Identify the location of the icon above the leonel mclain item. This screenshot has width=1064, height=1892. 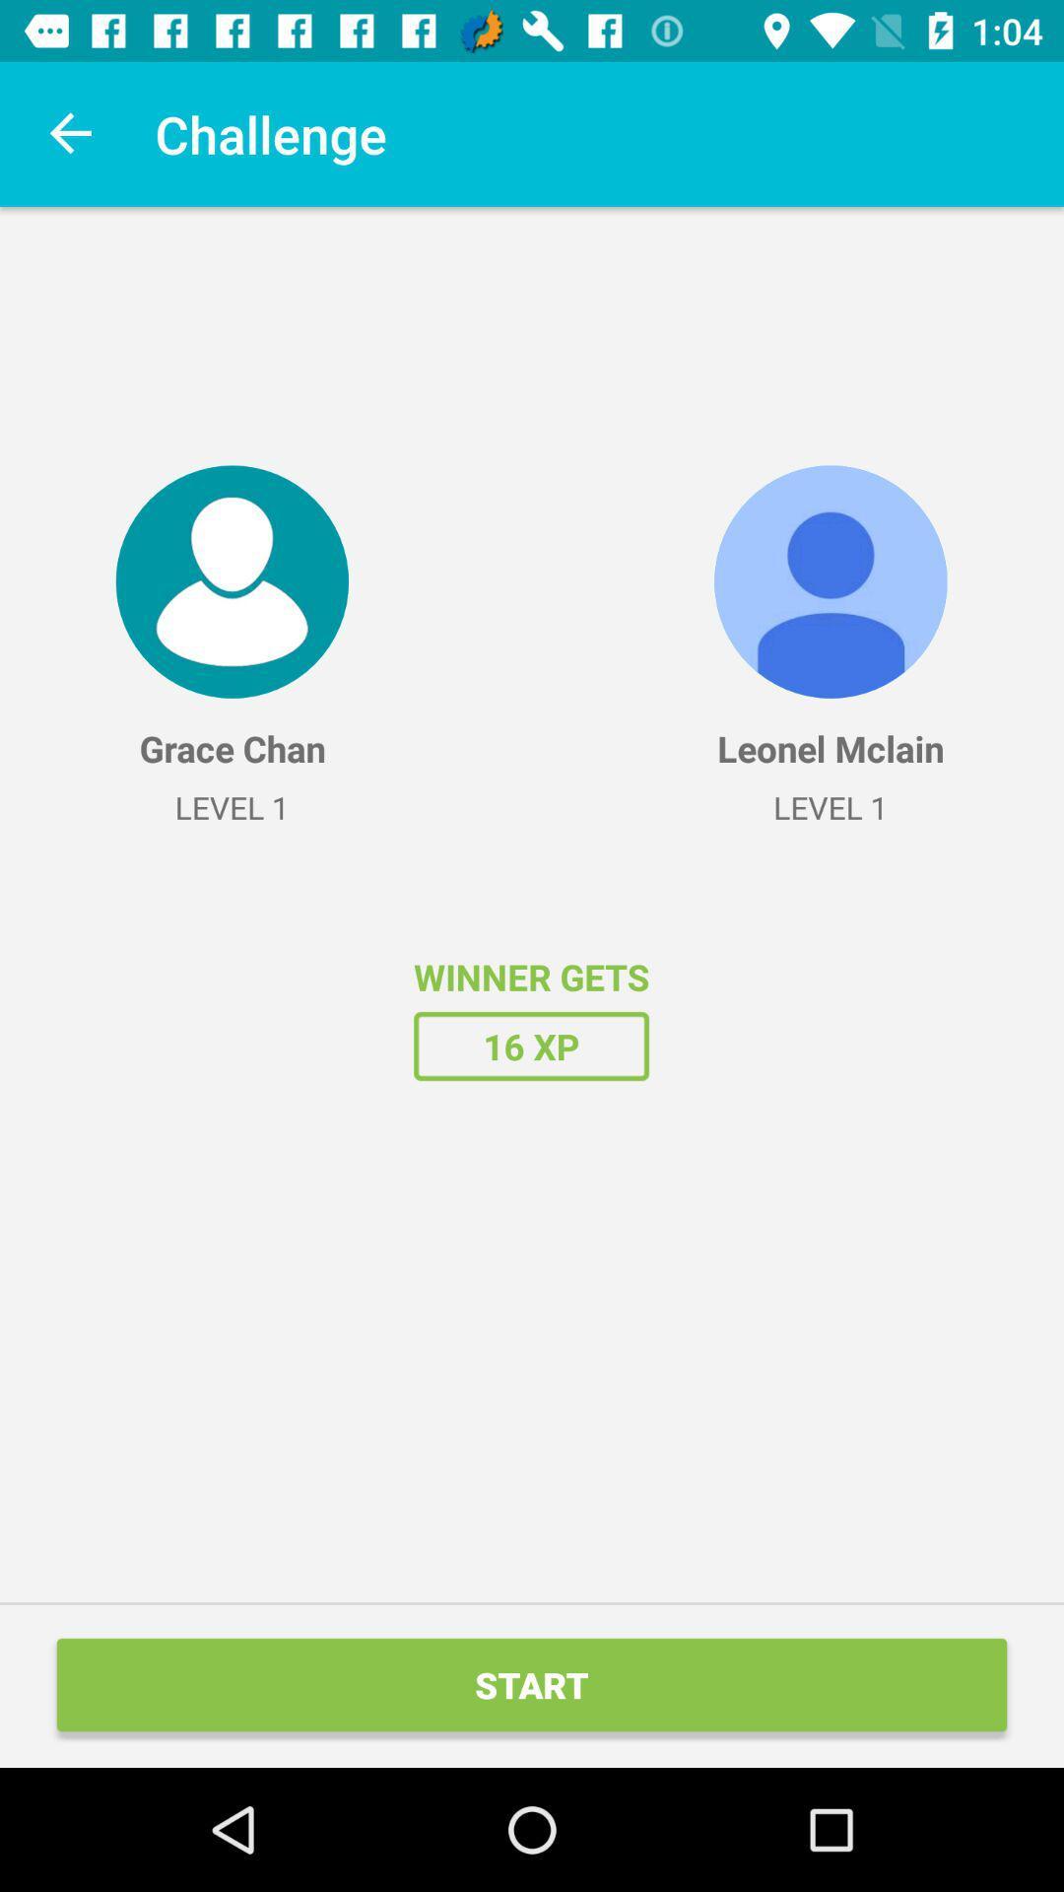
(831, 580).